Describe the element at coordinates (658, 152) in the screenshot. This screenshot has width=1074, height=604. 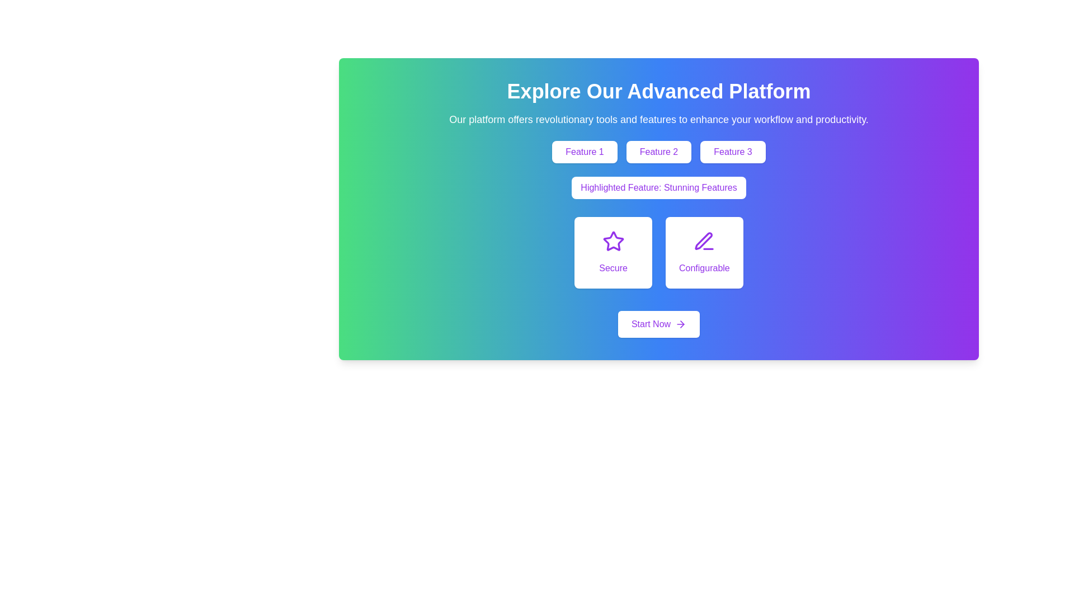
I see `the 'Feature 2' button, which is a rectangular button with rounded edges and a white background, located beneath the heading 'Explore Our Advanced Platform'` at that location.